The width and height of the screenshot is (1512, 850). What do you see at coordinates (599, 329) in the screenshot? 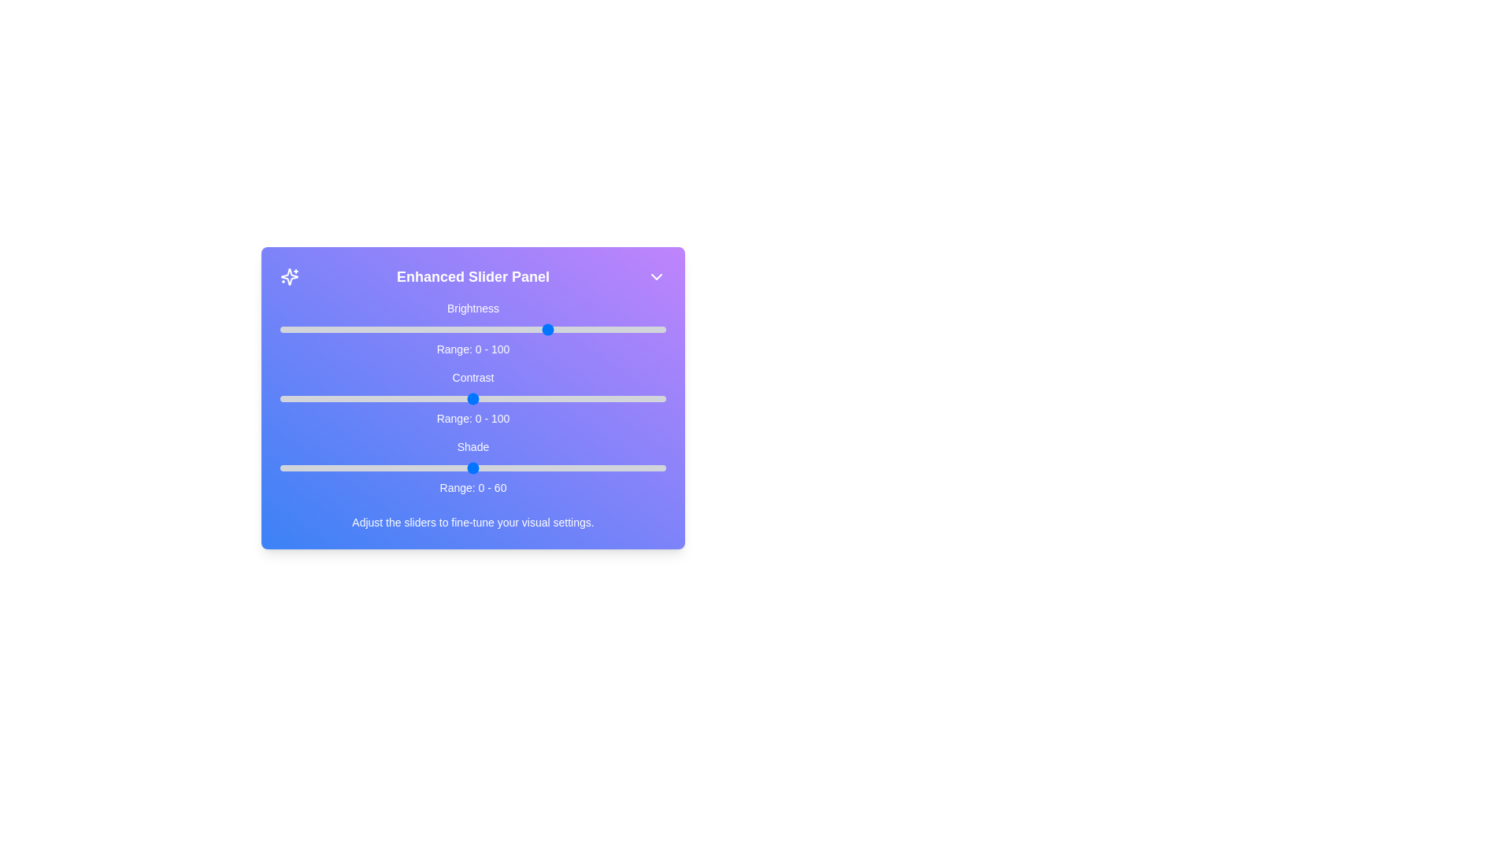
I see `the 0 slider to 83` at bounding box center [599, 329].